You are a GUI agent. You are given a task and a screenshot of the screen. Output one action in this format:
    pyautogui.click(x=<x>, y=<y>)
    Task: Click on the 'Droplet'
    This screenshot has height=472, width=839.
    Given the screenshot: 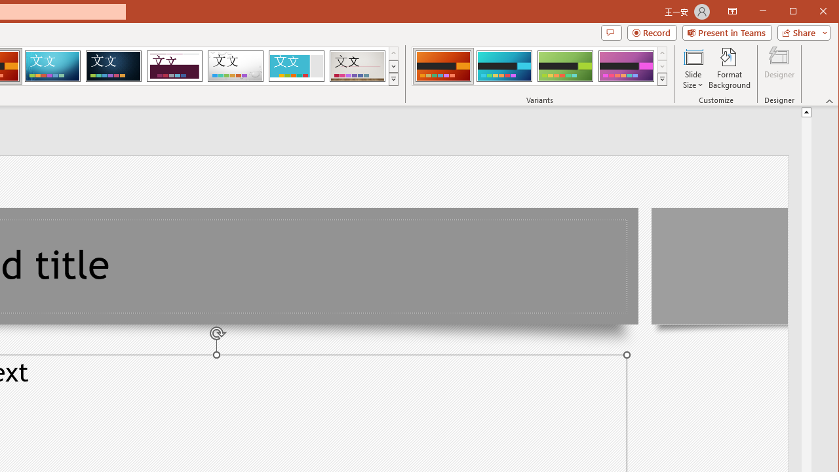 What is the action you would take?
    pyautogui.click(x=235, y=66)
    